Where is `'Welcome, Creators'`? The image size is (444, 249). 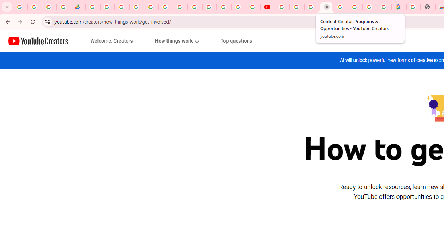 'Welcome, Creators' is located at coordinates (111, 41).